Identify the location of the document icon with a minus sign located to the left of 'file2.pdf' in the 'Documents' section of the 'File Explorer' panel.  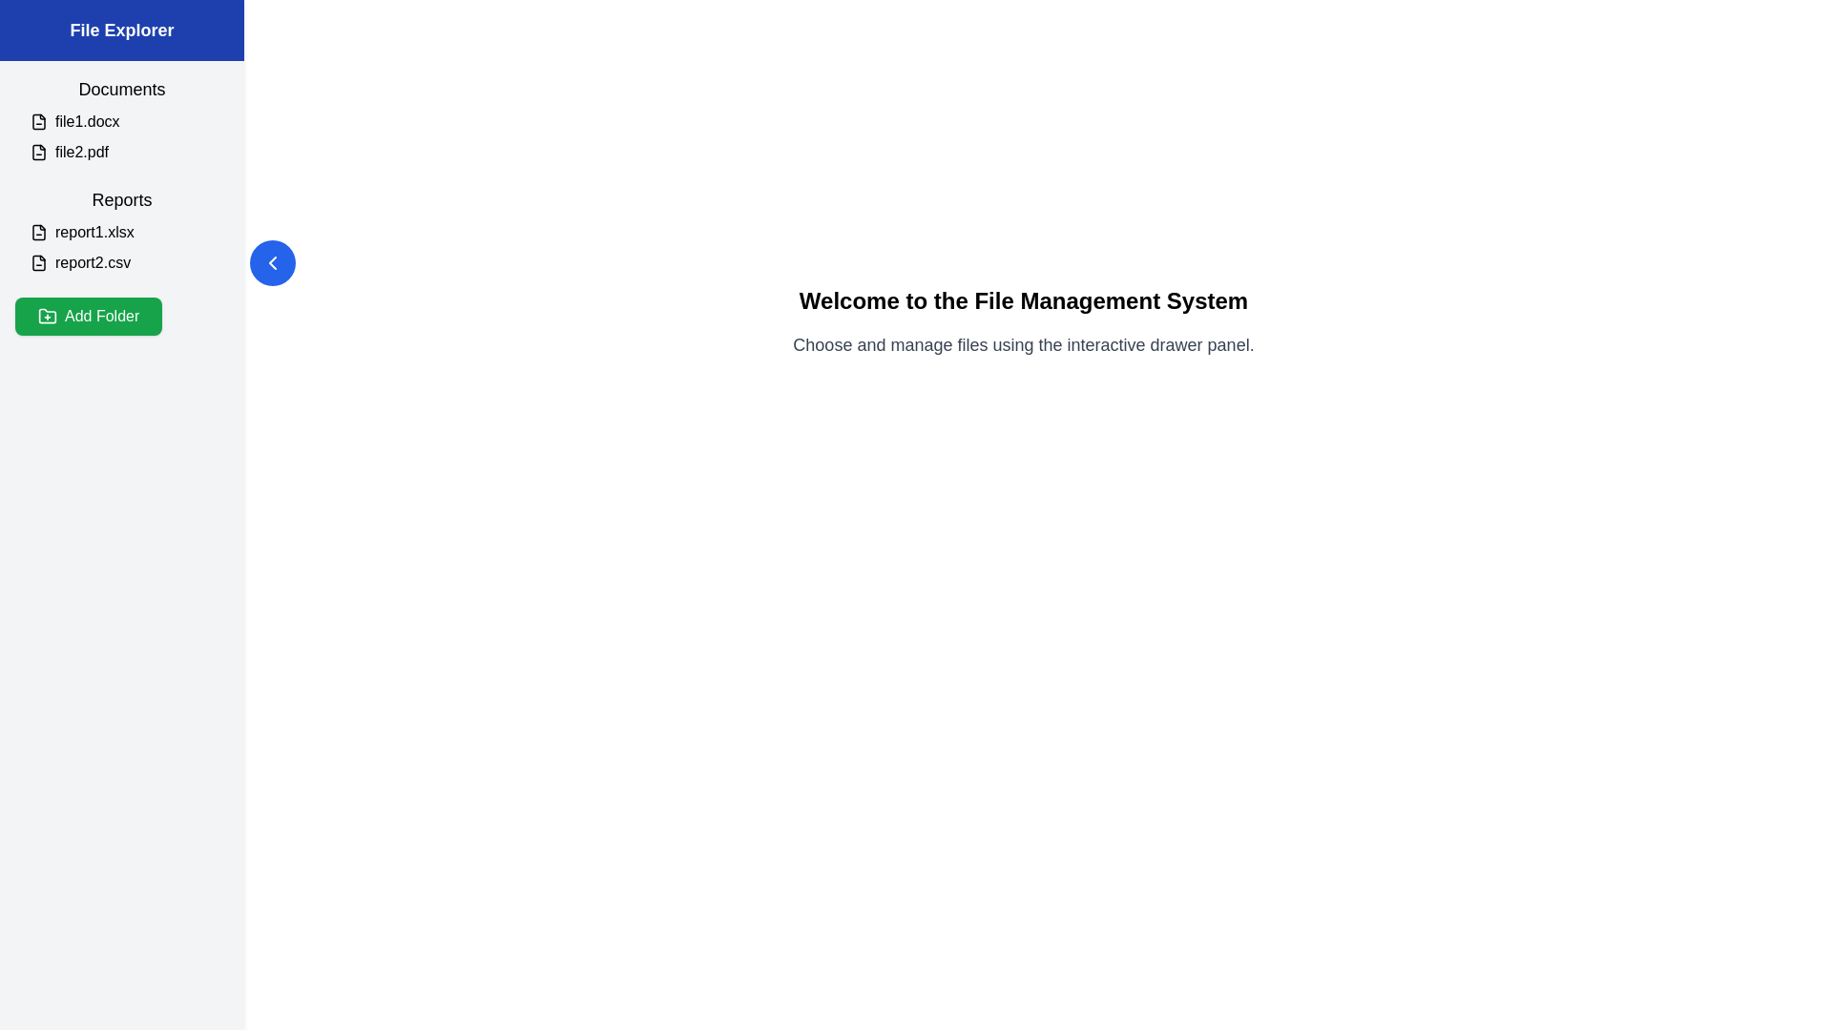
(39, 151).